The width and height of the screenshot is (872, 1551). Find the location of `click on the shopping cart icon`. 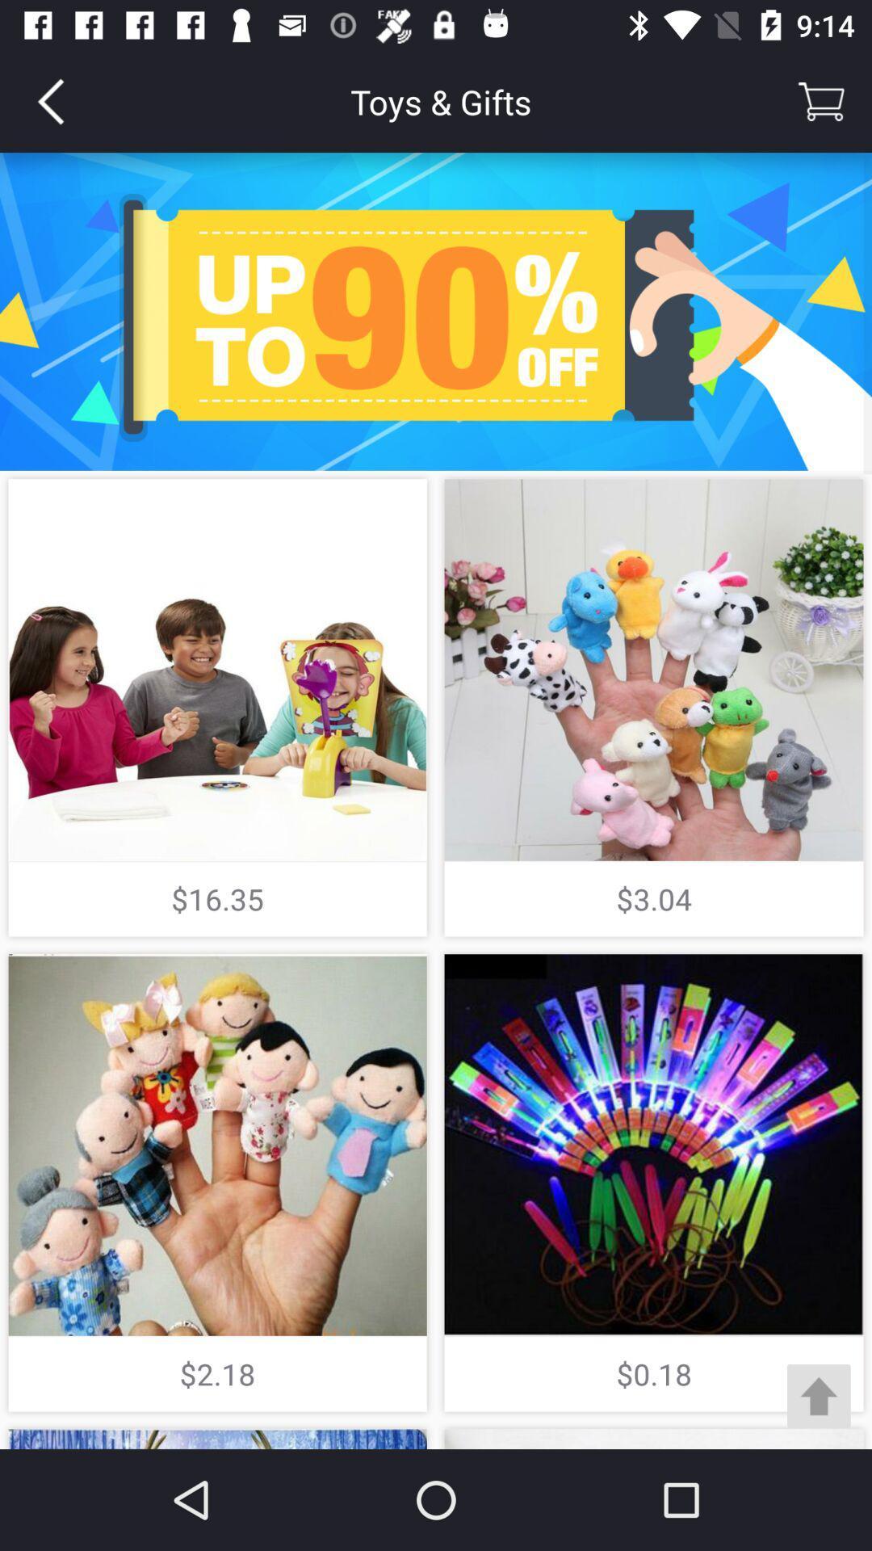

click on the shopping cart icon is located at coordinates (821, 100).